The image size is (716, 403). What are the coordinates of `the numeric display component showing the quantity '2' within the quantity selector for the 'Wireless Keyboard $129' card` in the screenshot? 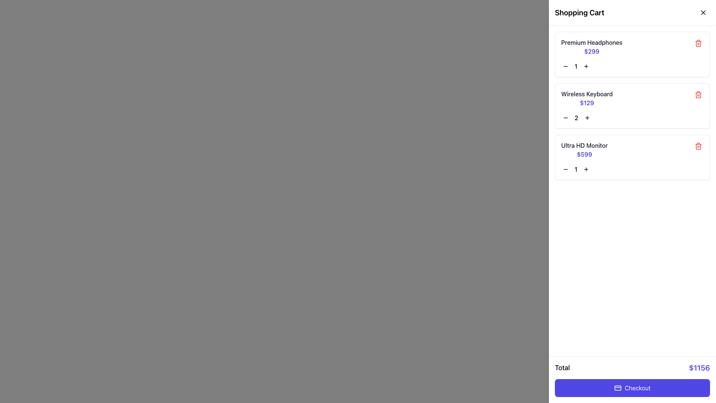 It's located at (632, 118).